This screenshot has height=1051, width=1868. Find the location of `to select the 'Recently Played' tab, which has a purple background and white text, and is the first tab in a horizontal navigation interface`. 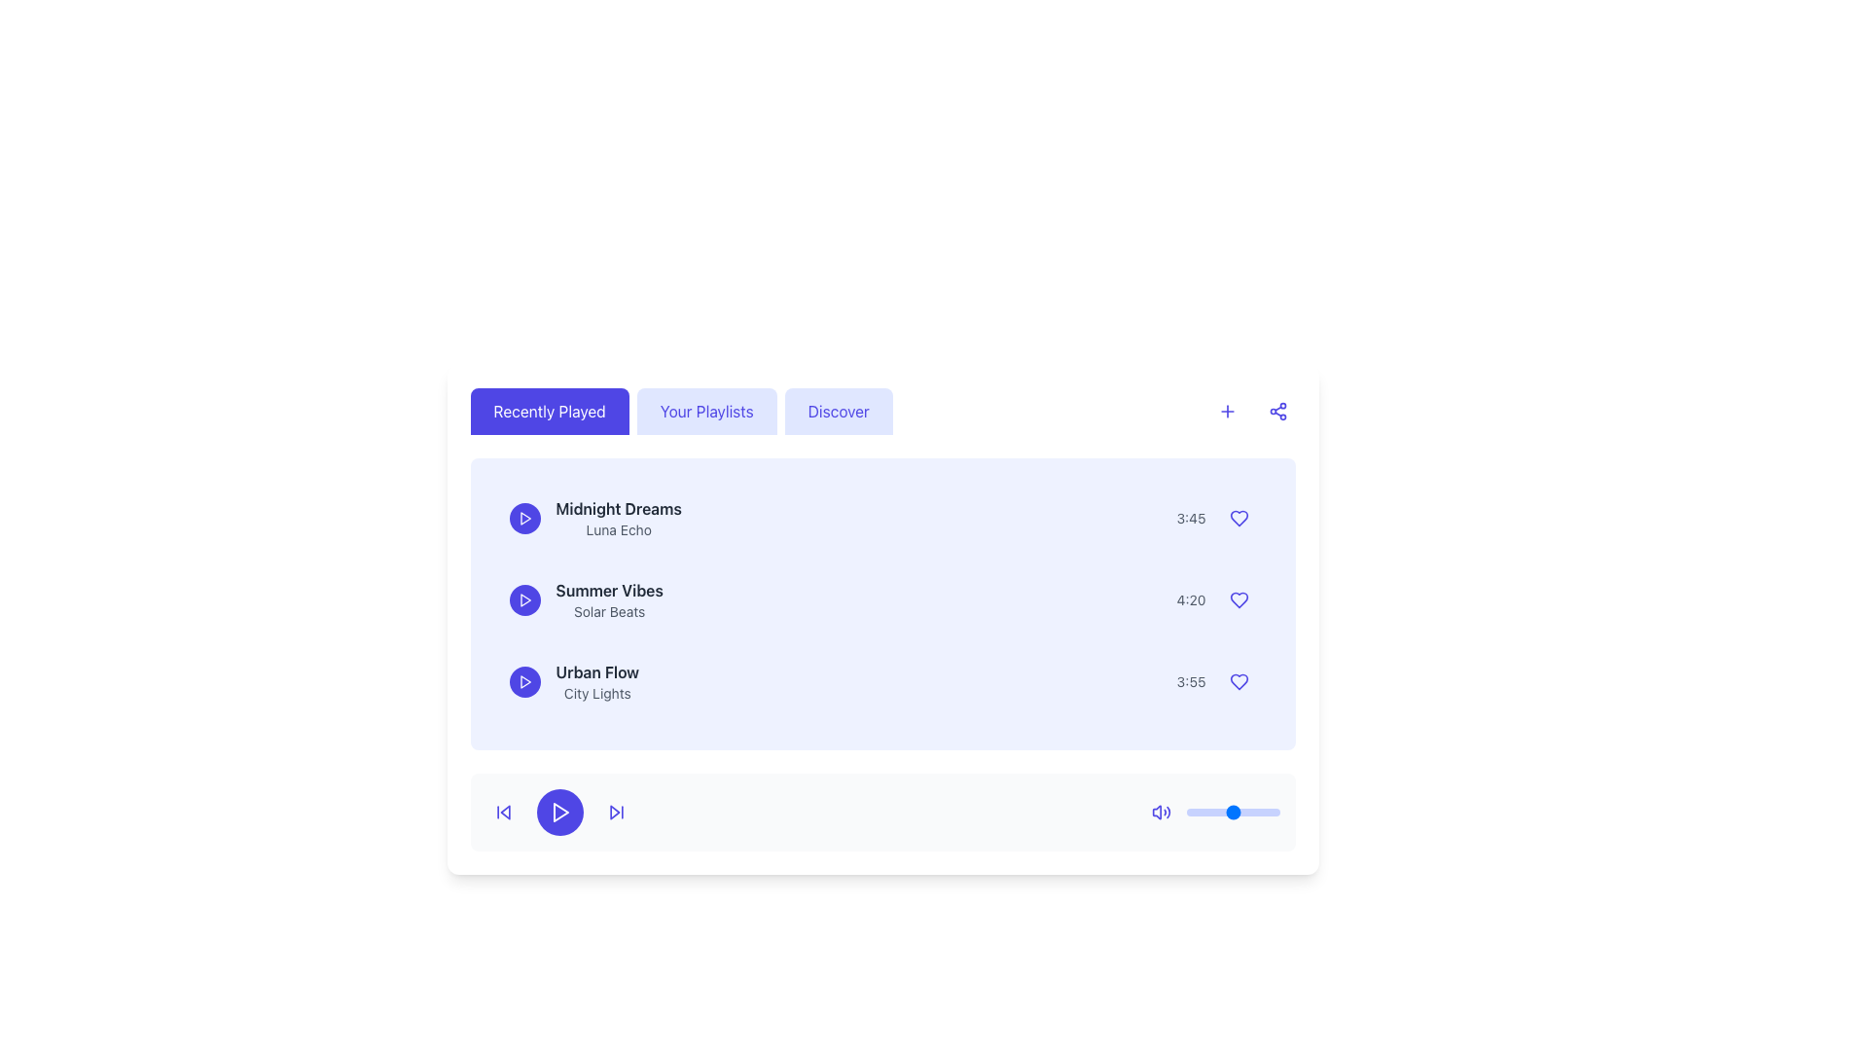

to select the 'Recently Played' tab, which has a purple background and white text, and is the first tab in a horizontal navigation interface is located at coordinates (549, 411).